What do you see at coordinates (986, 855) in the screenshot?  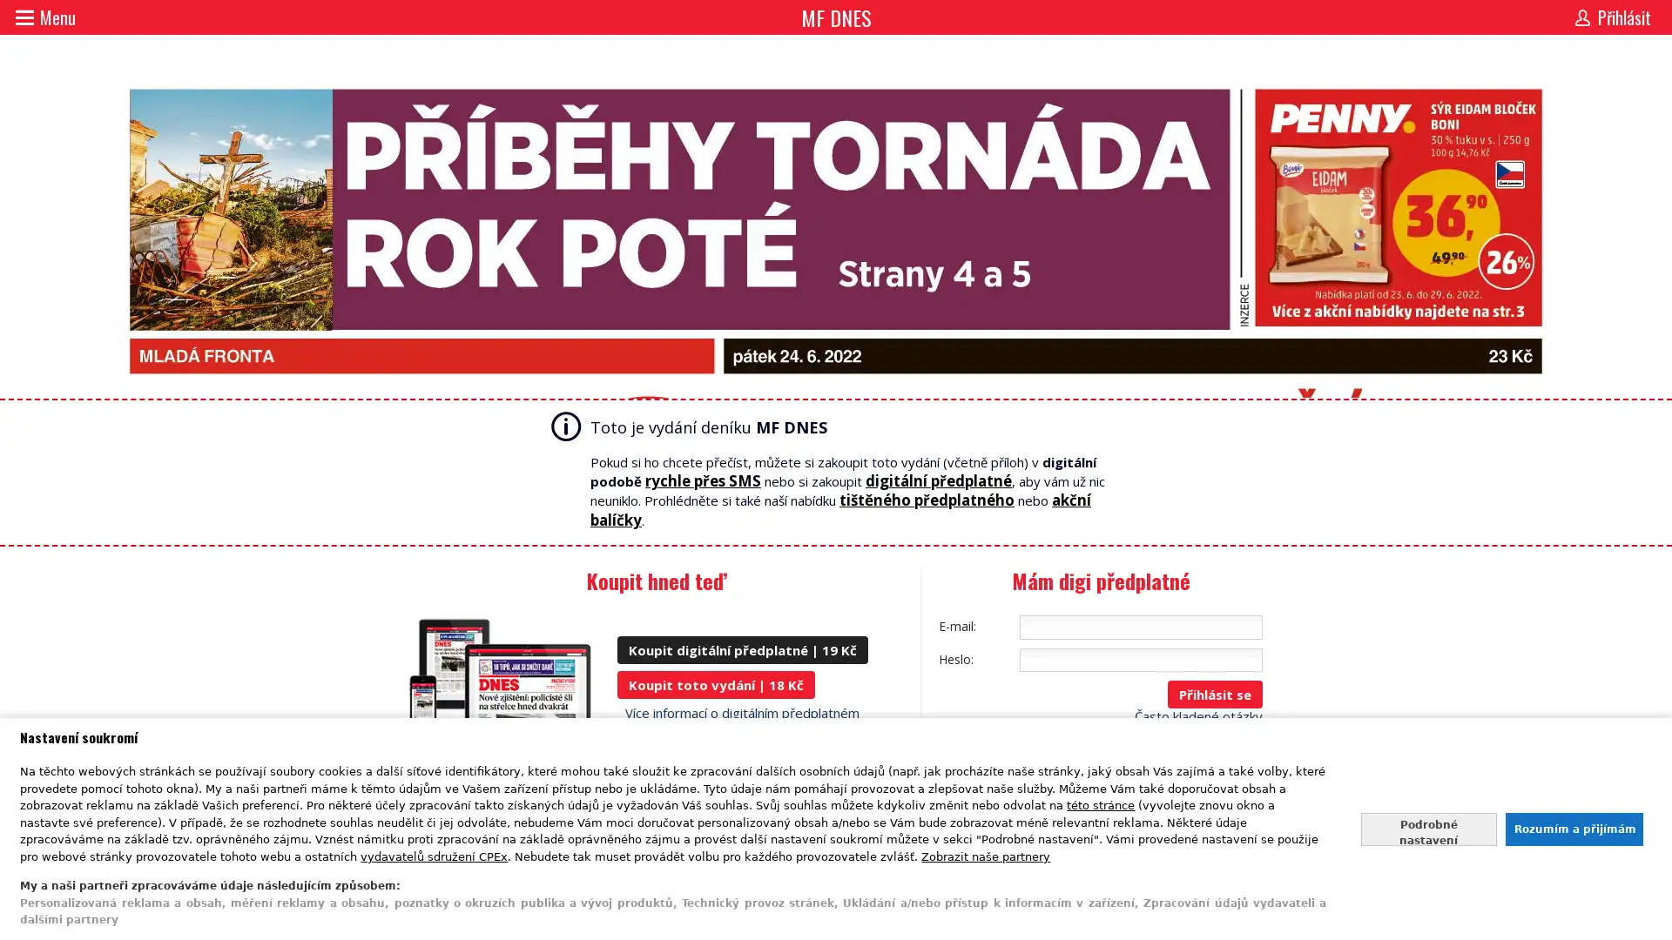 I see `Zobrazit nase partnery` at bounding box center [986, 855].